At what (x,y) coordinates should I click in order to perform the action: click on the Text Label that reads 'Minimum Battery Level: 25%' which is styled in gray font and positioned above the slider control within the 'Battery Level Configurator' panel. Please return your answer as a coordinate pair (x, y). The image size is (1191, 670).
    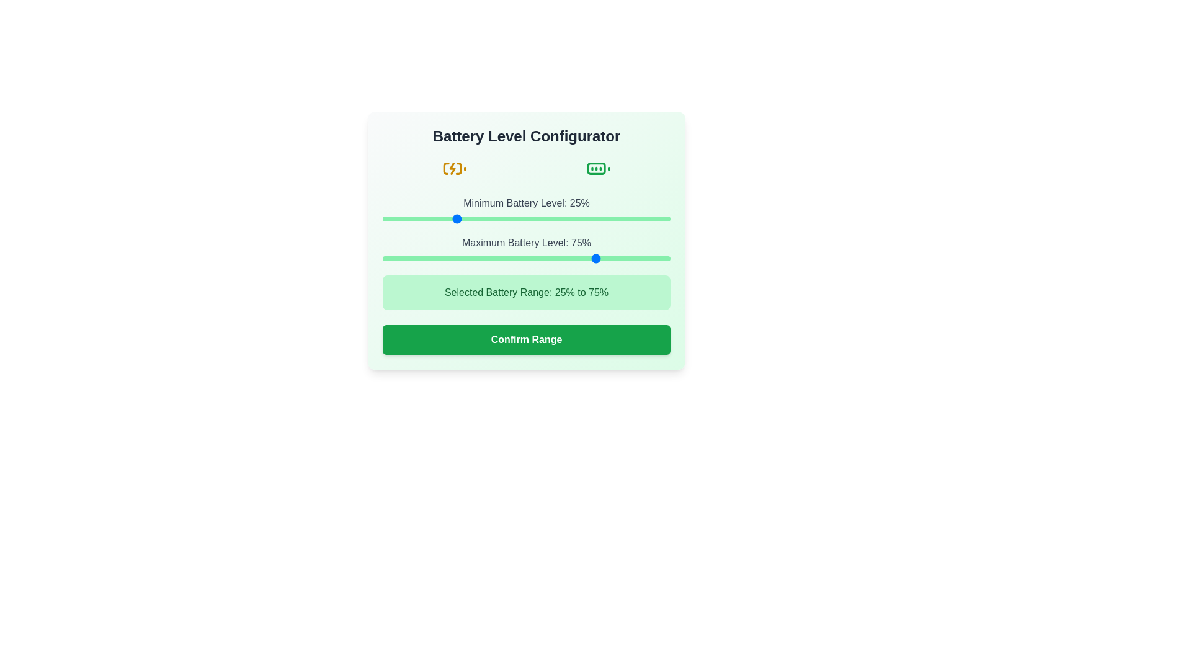
    Looking at the image, I should click on (527, 202).